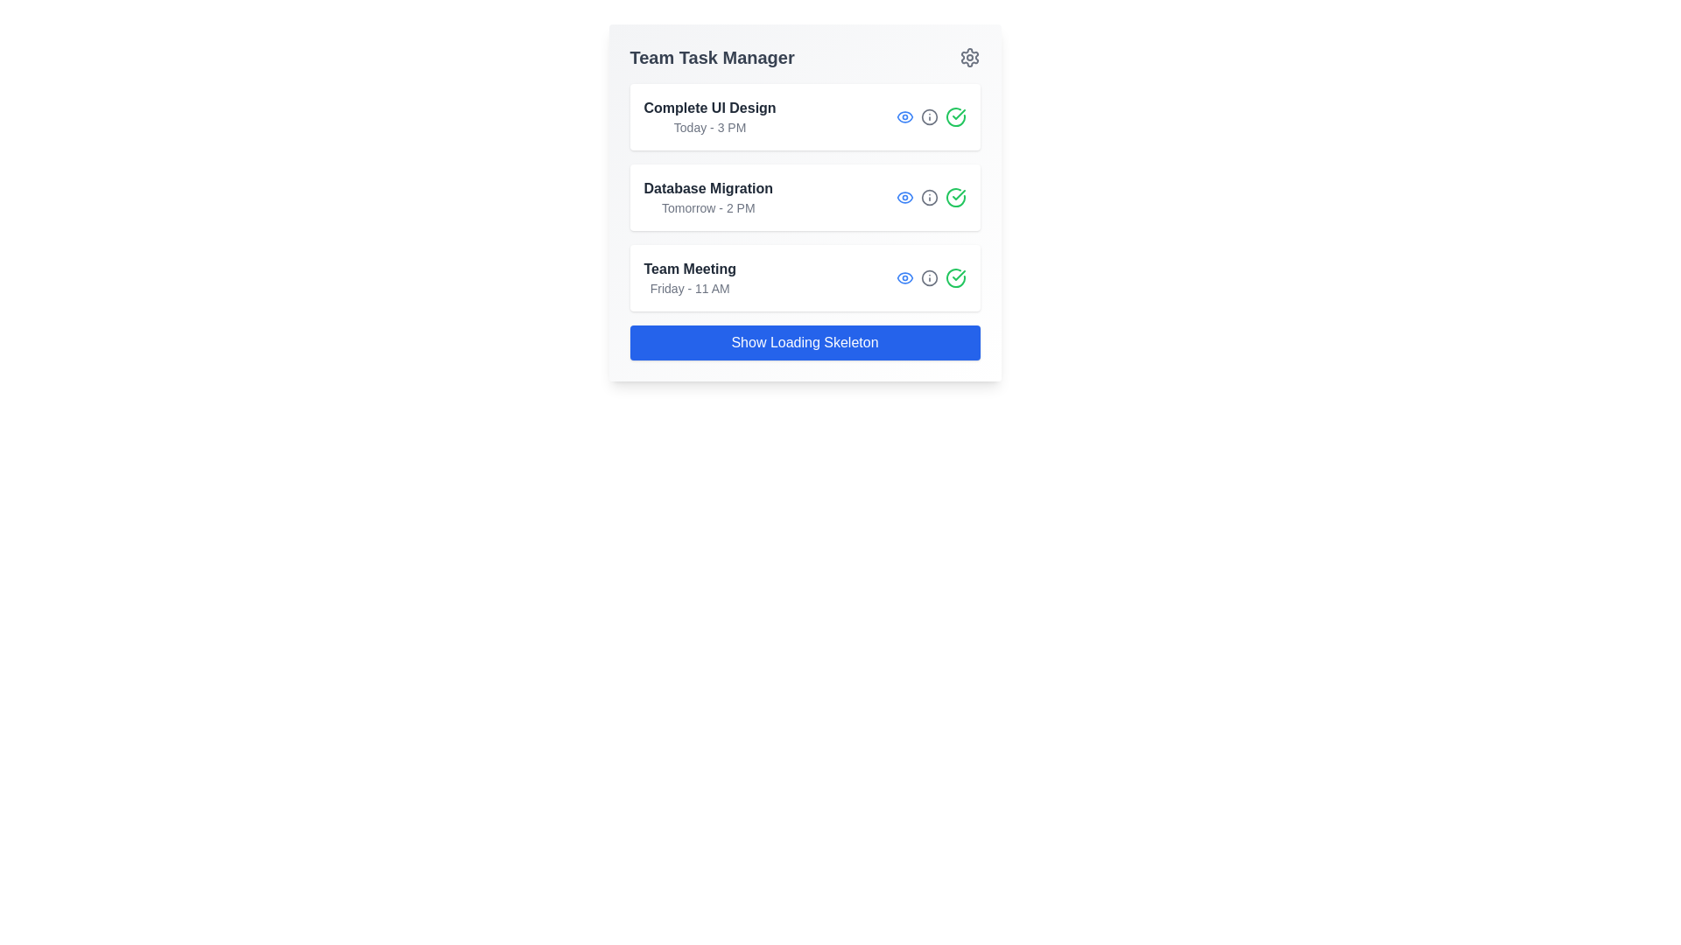 The height and width of the screenshot is (945, 1681). I want to click on the blue eye icon in the second row of the task listing beside 'Database Migration', so click(904, 197).